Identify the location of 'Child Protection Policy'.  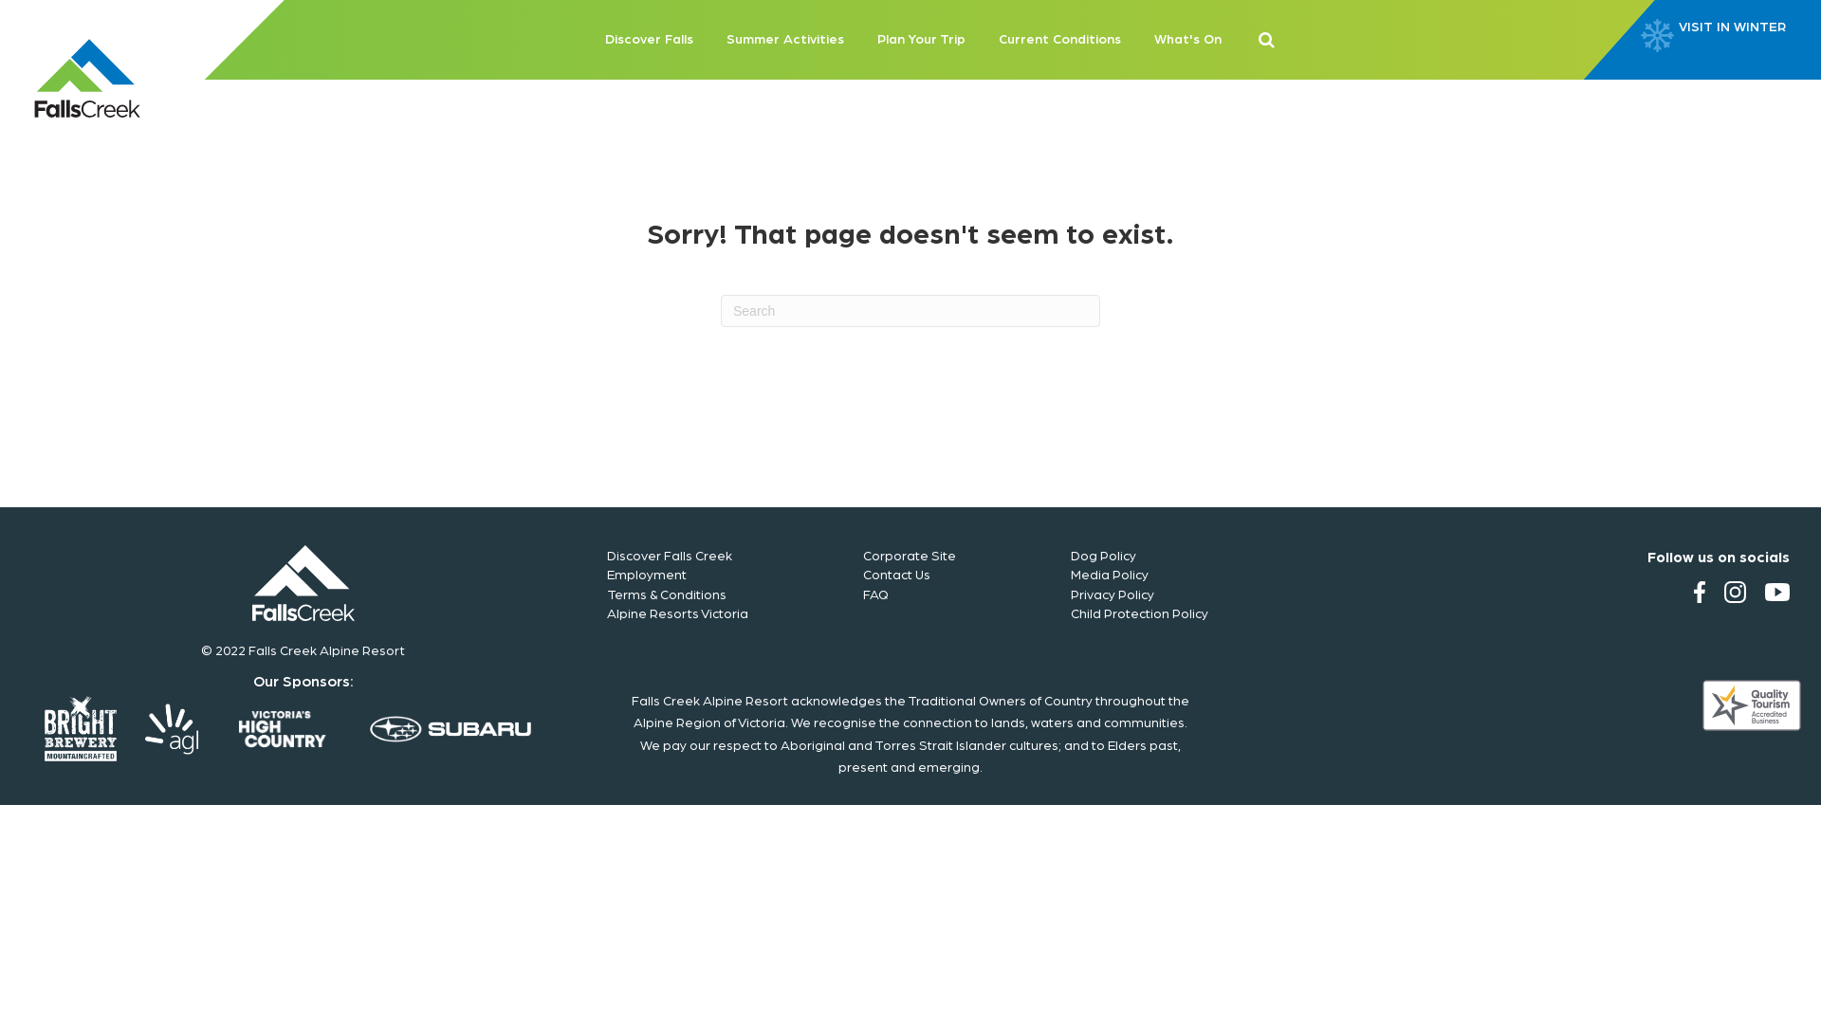
(1070, 612).